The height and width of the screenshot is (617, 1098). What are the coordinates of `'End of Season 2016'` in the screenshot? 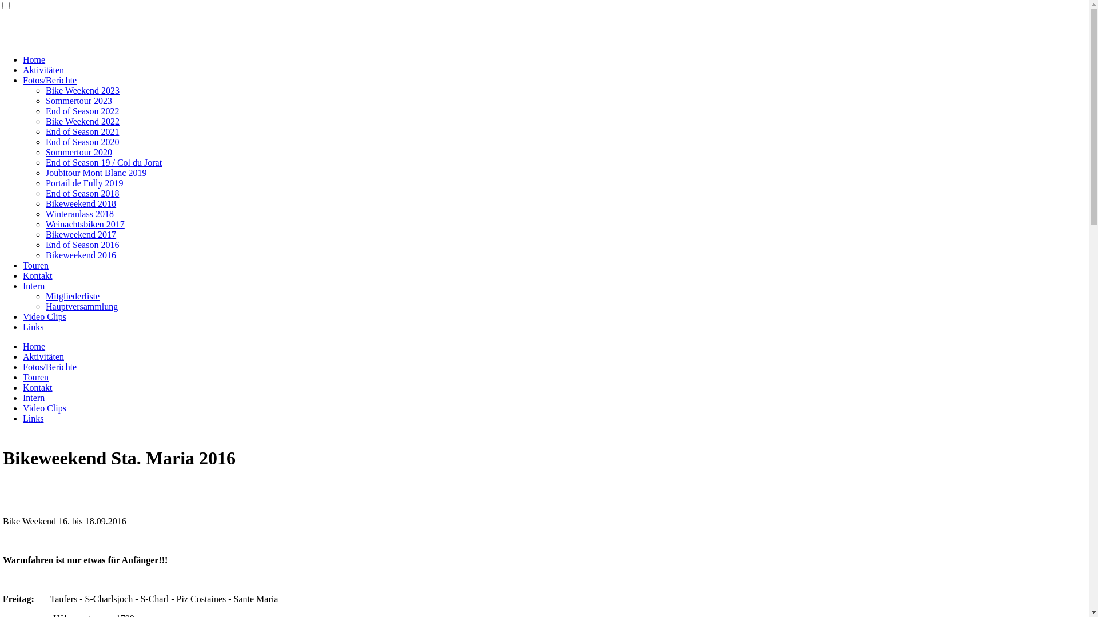 It's located at (82, 244).